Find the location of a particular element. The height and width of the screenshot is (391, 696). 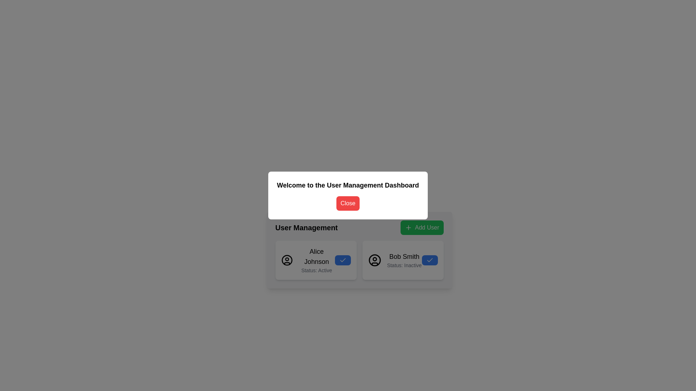

the button located at the lower-right corner of the card for 'Alice Johnson' is located at coordinates (342, 260).